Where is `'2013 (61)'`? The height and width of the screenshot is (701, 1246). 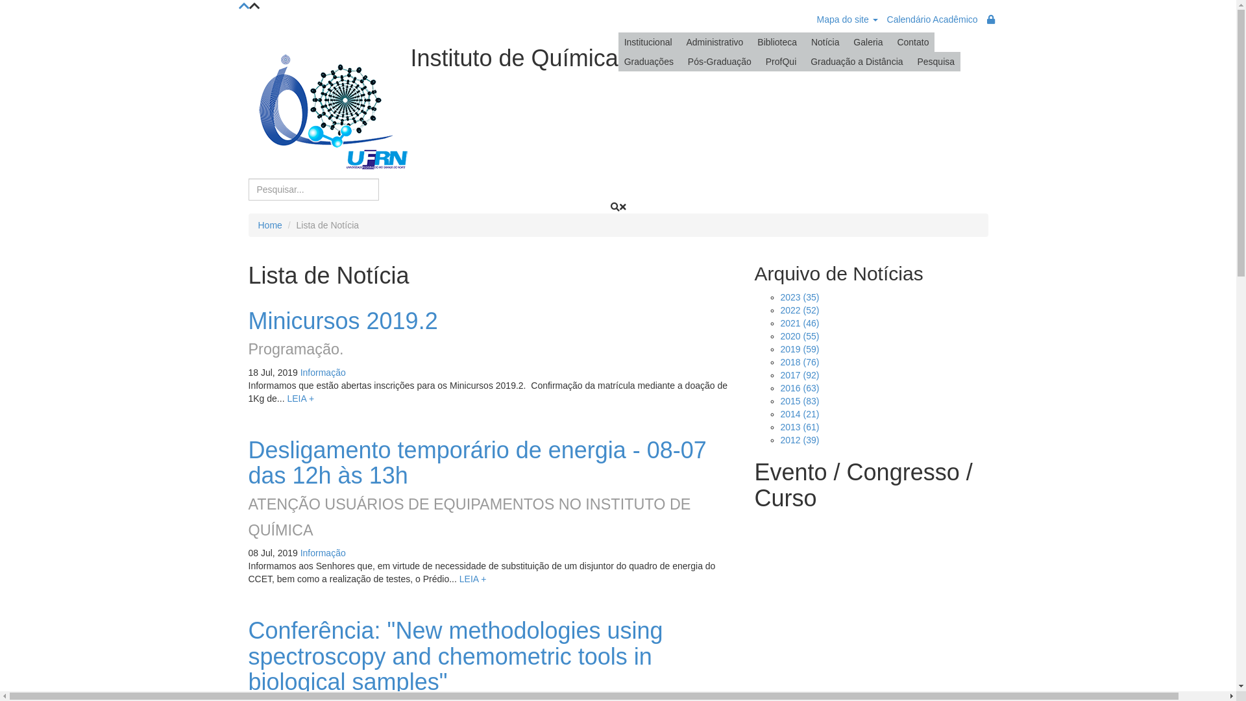 '2013 (61)' is located at coordinates (799, 427).